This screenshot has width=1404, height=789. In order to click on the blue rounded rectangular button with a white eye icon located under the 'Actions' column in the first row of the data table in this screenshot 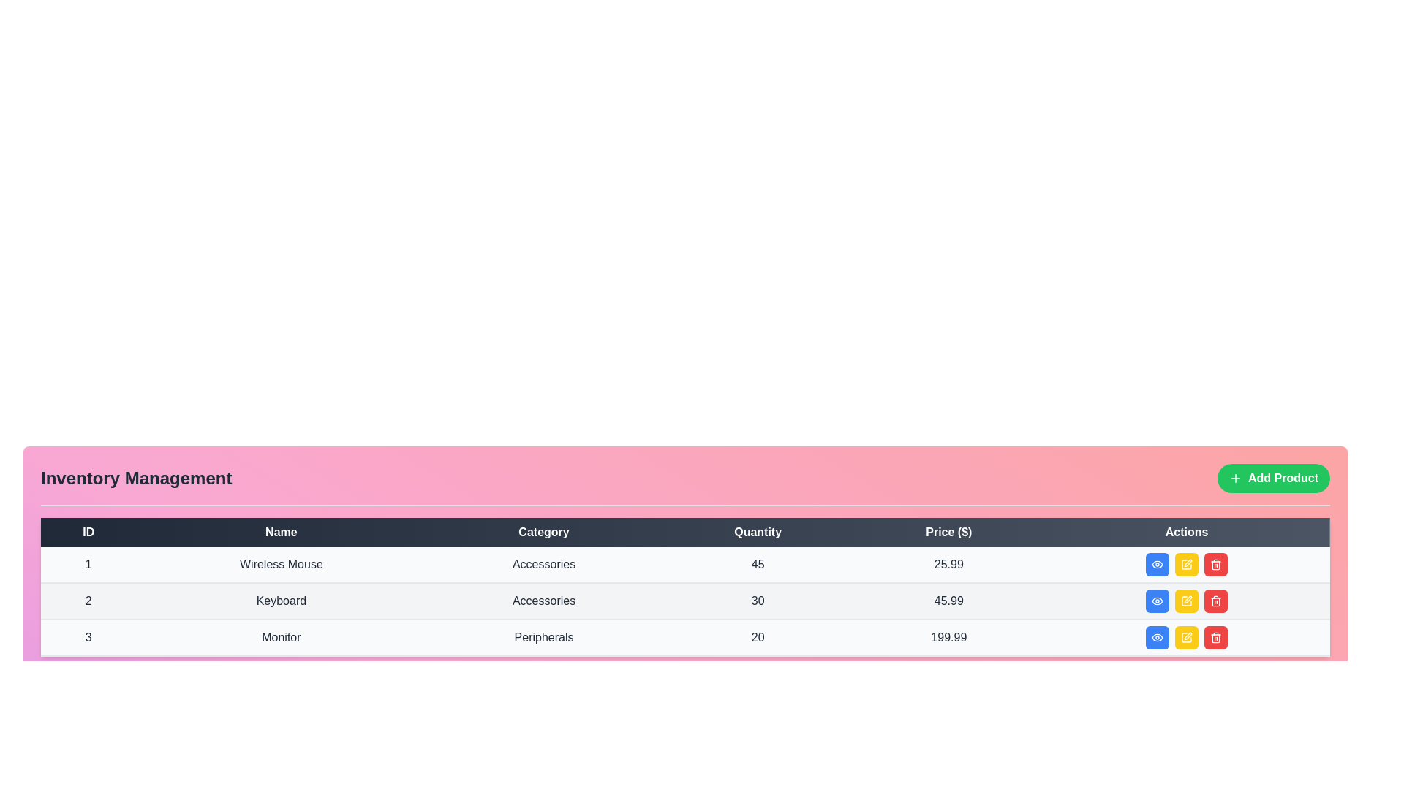, I will do `click(1157, 563)`.